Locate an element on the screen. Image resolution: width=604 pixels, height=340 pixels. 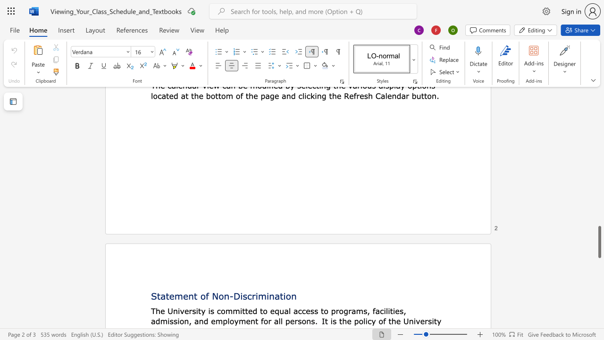
the scrollbar to move the page upward is located at coordinates (599, 179).